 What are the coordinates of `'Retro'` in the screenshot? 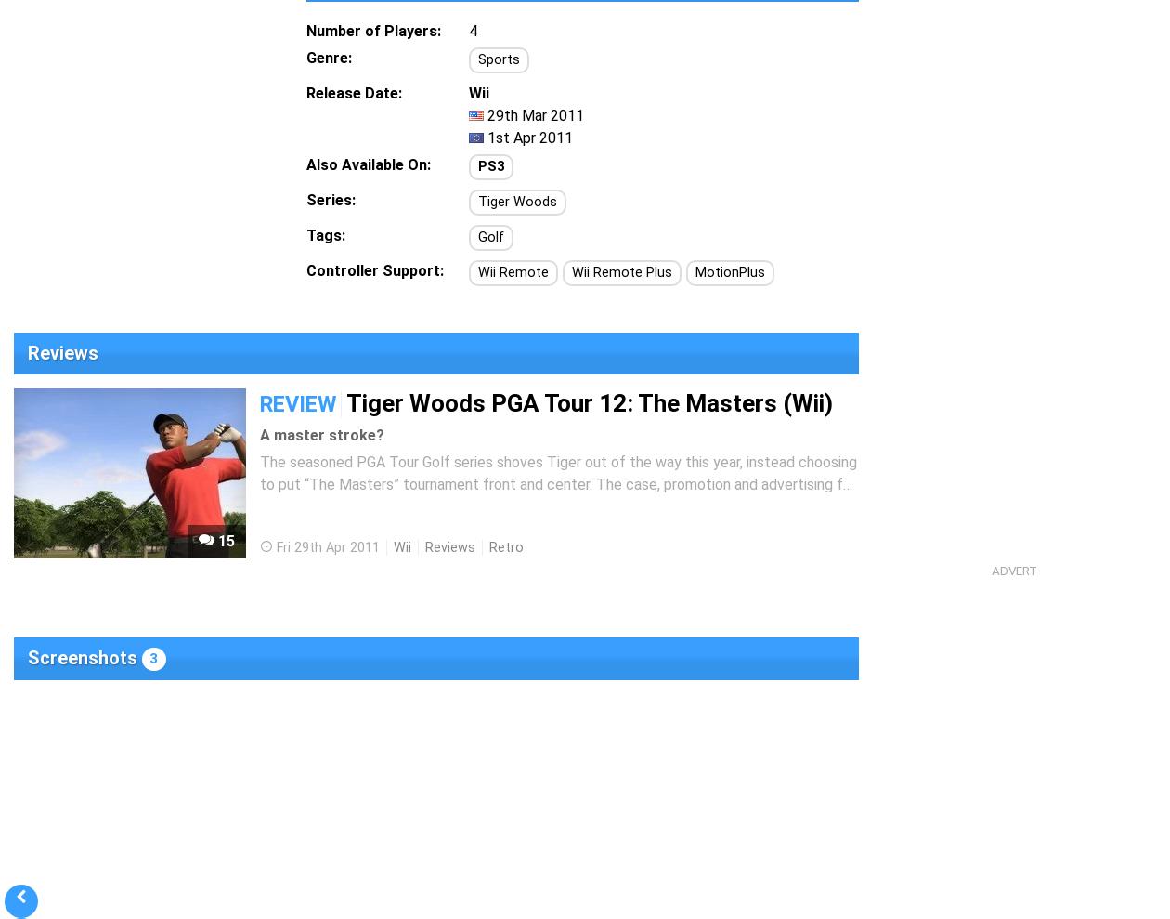 It's located at (506, 546).